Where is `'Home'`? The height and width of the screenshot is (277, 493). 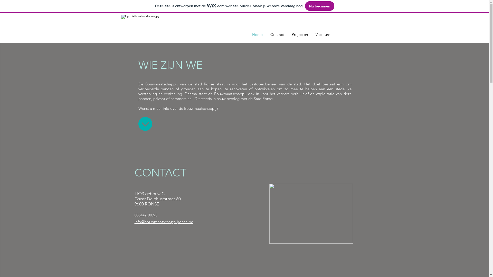 'Home' is located at coordinates (248, 35).